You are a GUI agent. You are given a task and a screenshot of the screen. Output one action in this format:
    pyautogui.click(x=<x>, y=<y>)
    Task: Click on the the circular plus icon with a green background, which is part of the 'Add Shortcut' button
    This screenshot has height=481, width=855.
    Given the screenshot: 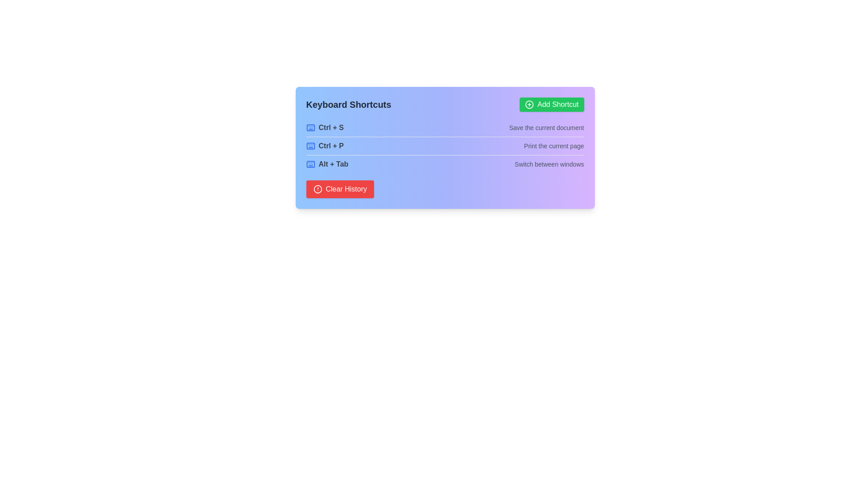 What is the action you would take?
    pyautogui.click(x=529, y=104)
    